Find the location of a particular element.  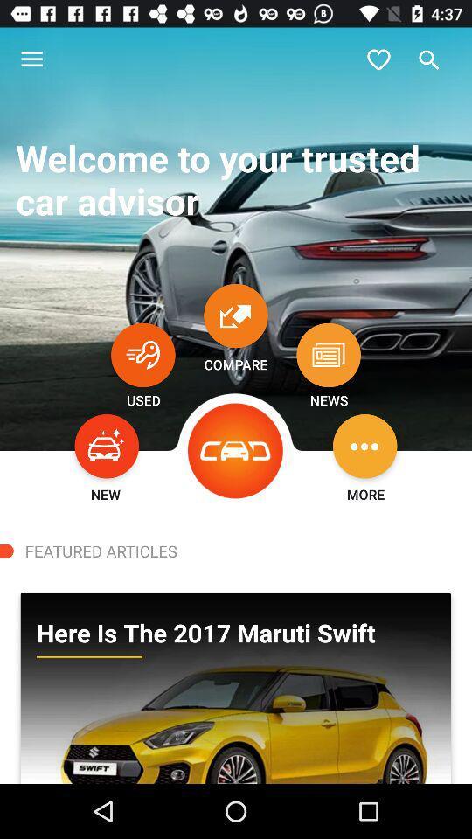

search button is located at coordinates (428, 59).